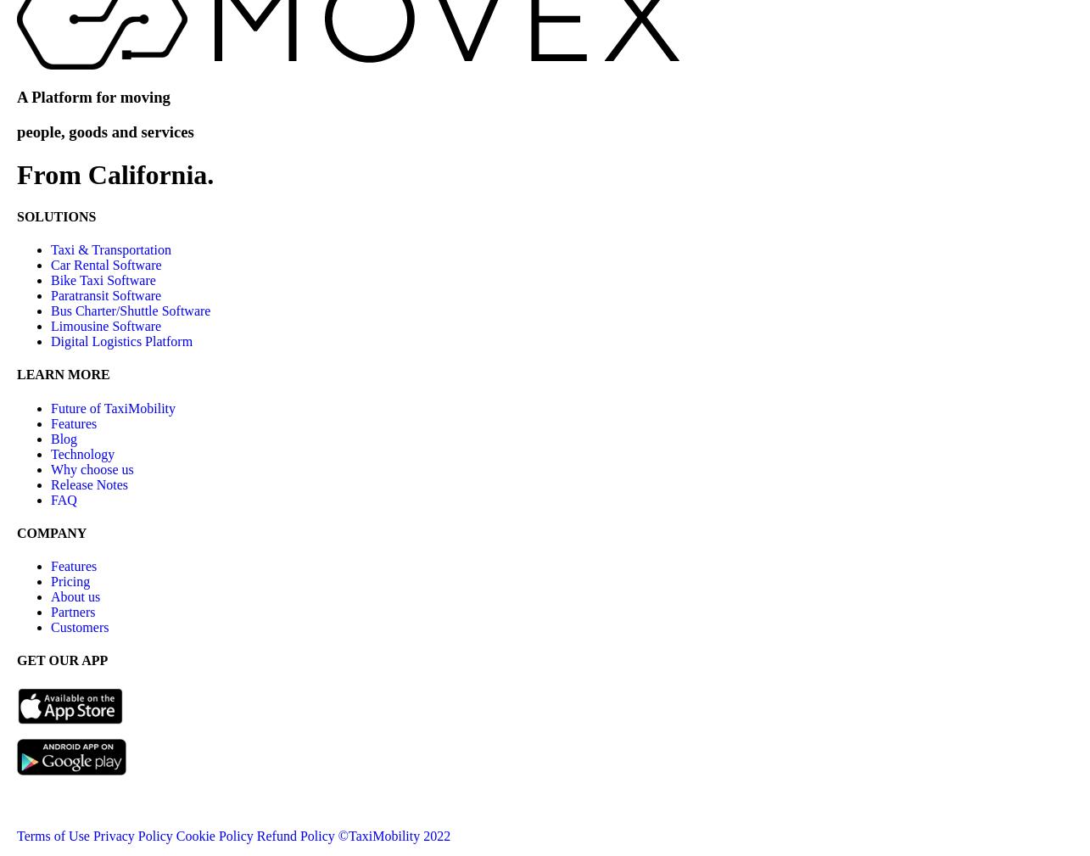  What do you see at coordinates (106, 325) in the screenshot?
I see `'Limousine Software'` at bounding box center [106, 325].